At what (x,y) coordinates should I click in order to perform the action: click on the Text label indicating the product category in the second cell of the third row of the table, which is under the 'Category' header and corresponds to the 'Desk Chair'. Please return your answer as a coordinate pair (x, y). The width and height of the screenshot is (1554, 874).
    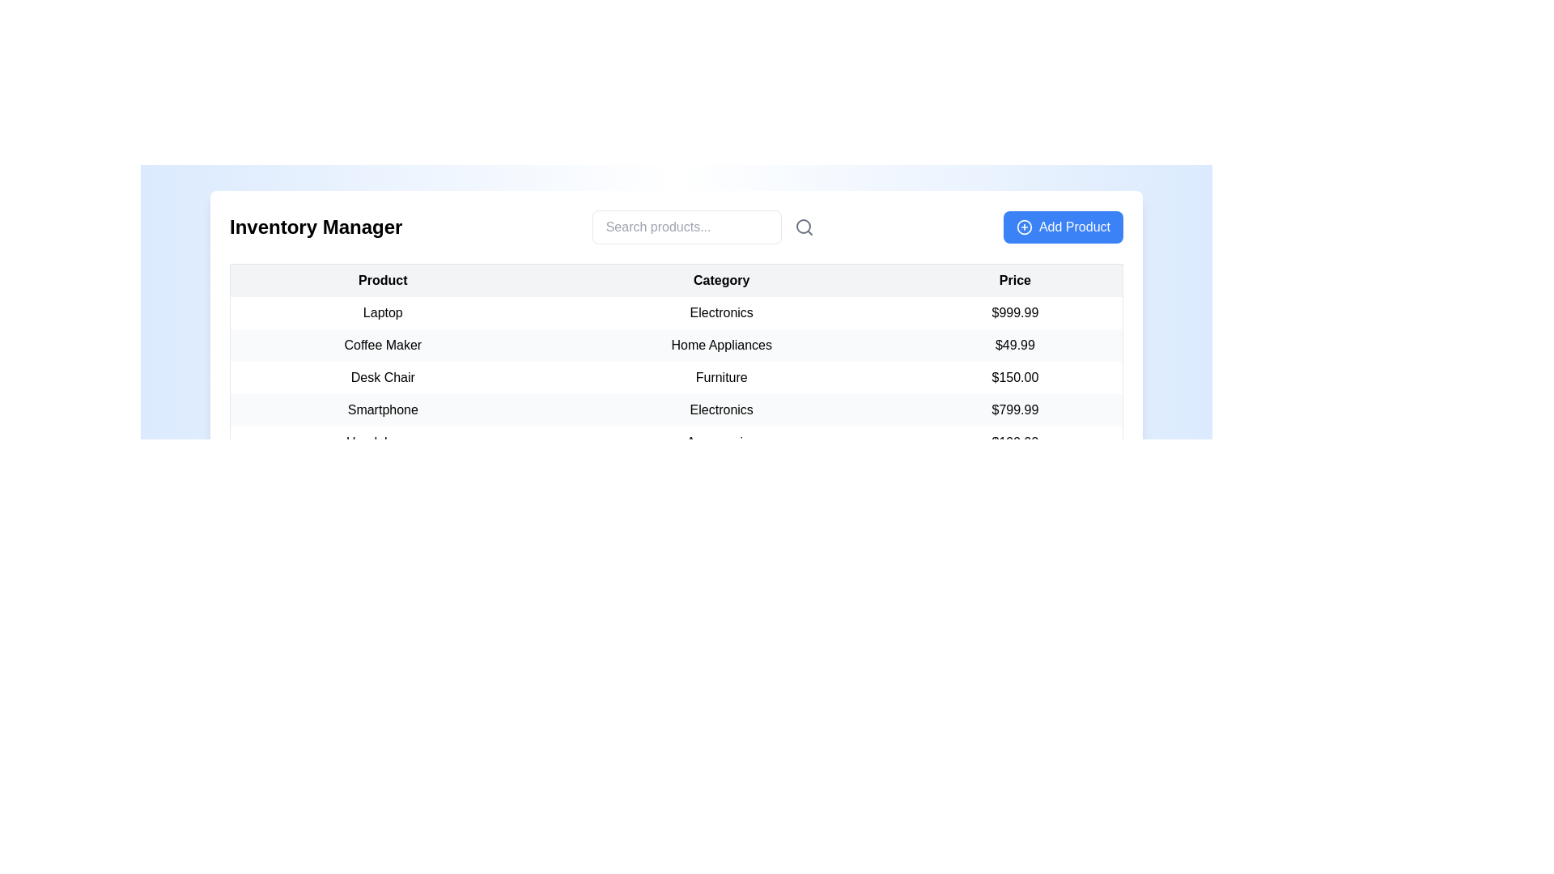
    Looking at the image, I should click on (720, 377).